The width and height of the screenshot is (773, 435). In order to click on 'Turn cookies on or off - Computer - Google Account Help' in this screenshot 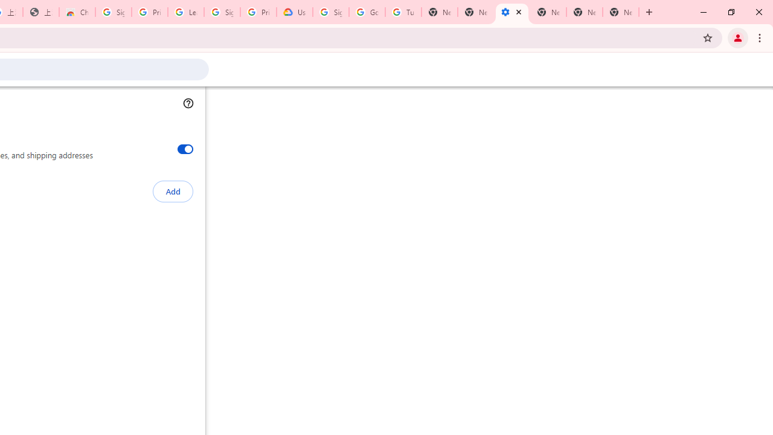, I will do `click(403, 12)`.